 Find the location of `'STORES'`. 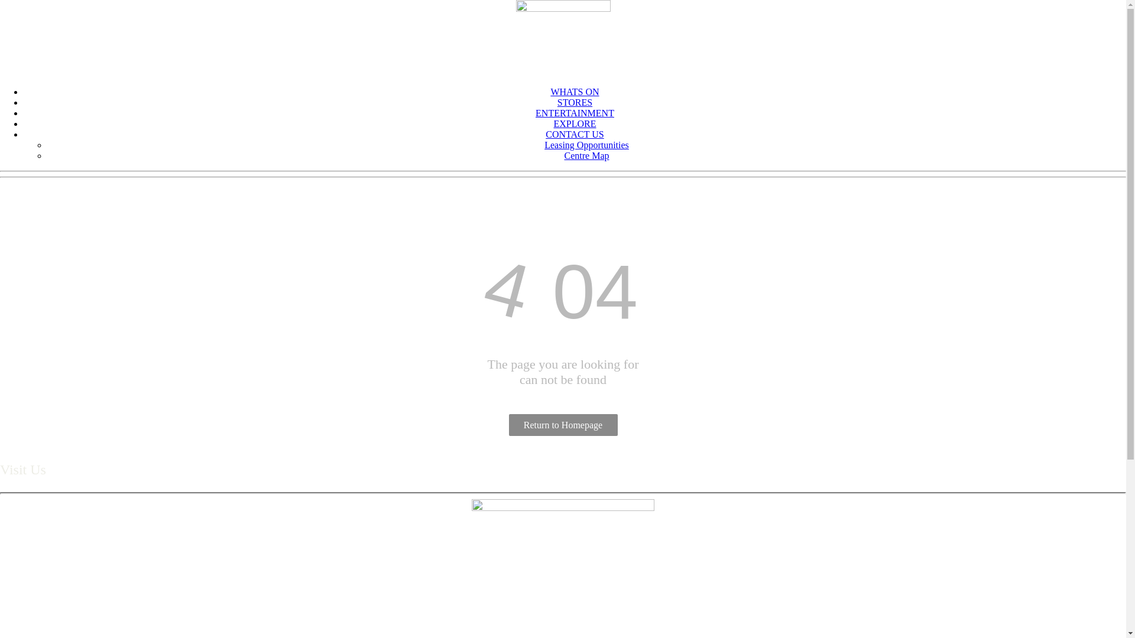

'STORES' is located at coordinates (575, 102).